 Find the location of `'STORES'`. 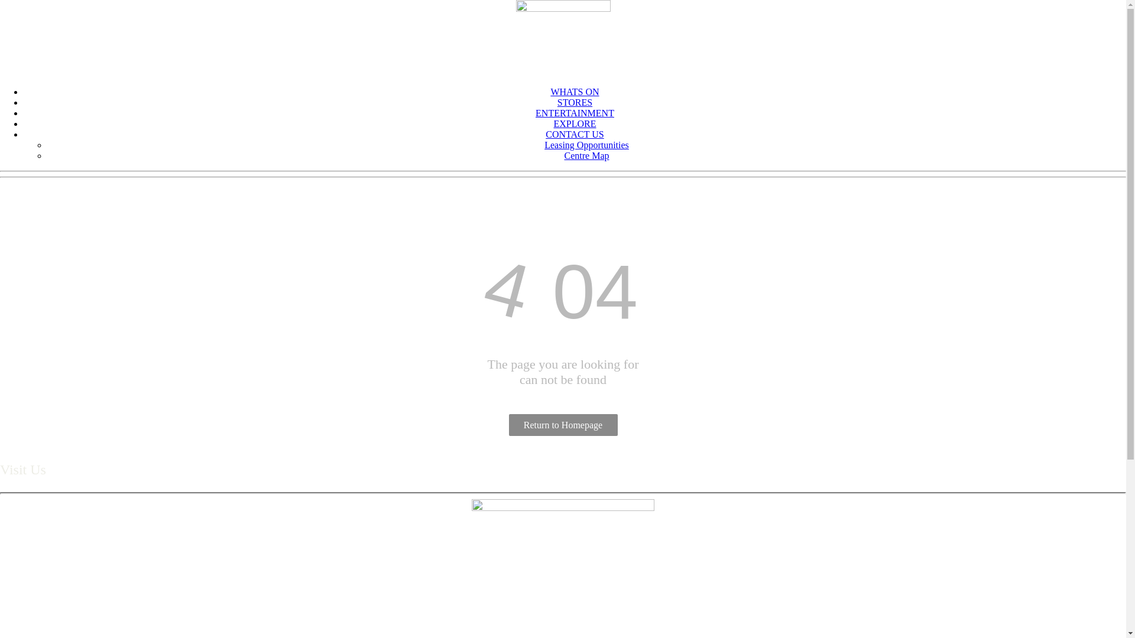

'STORES' is located at coordinates (575, 102).